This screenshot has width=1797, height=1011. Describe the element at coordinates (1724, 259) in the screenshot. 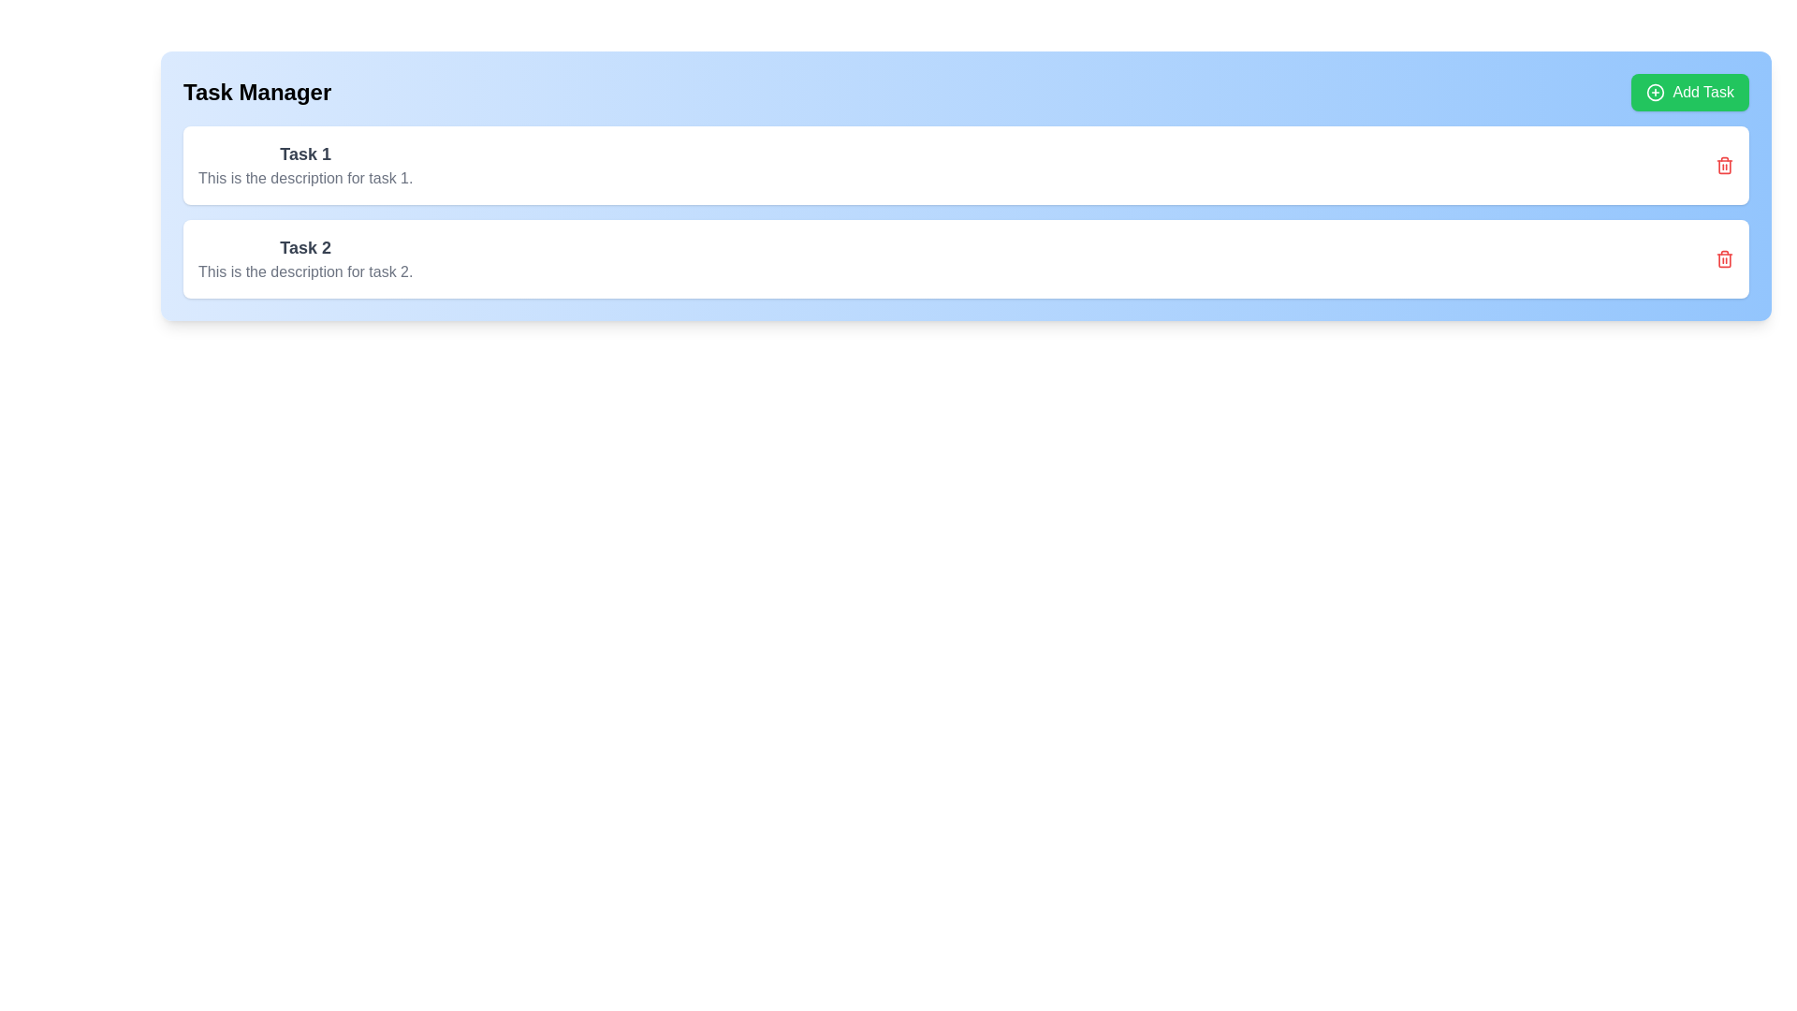

I see `the delete icon button located at the right section of the card containing 'Task 2' to change its color` at that location.